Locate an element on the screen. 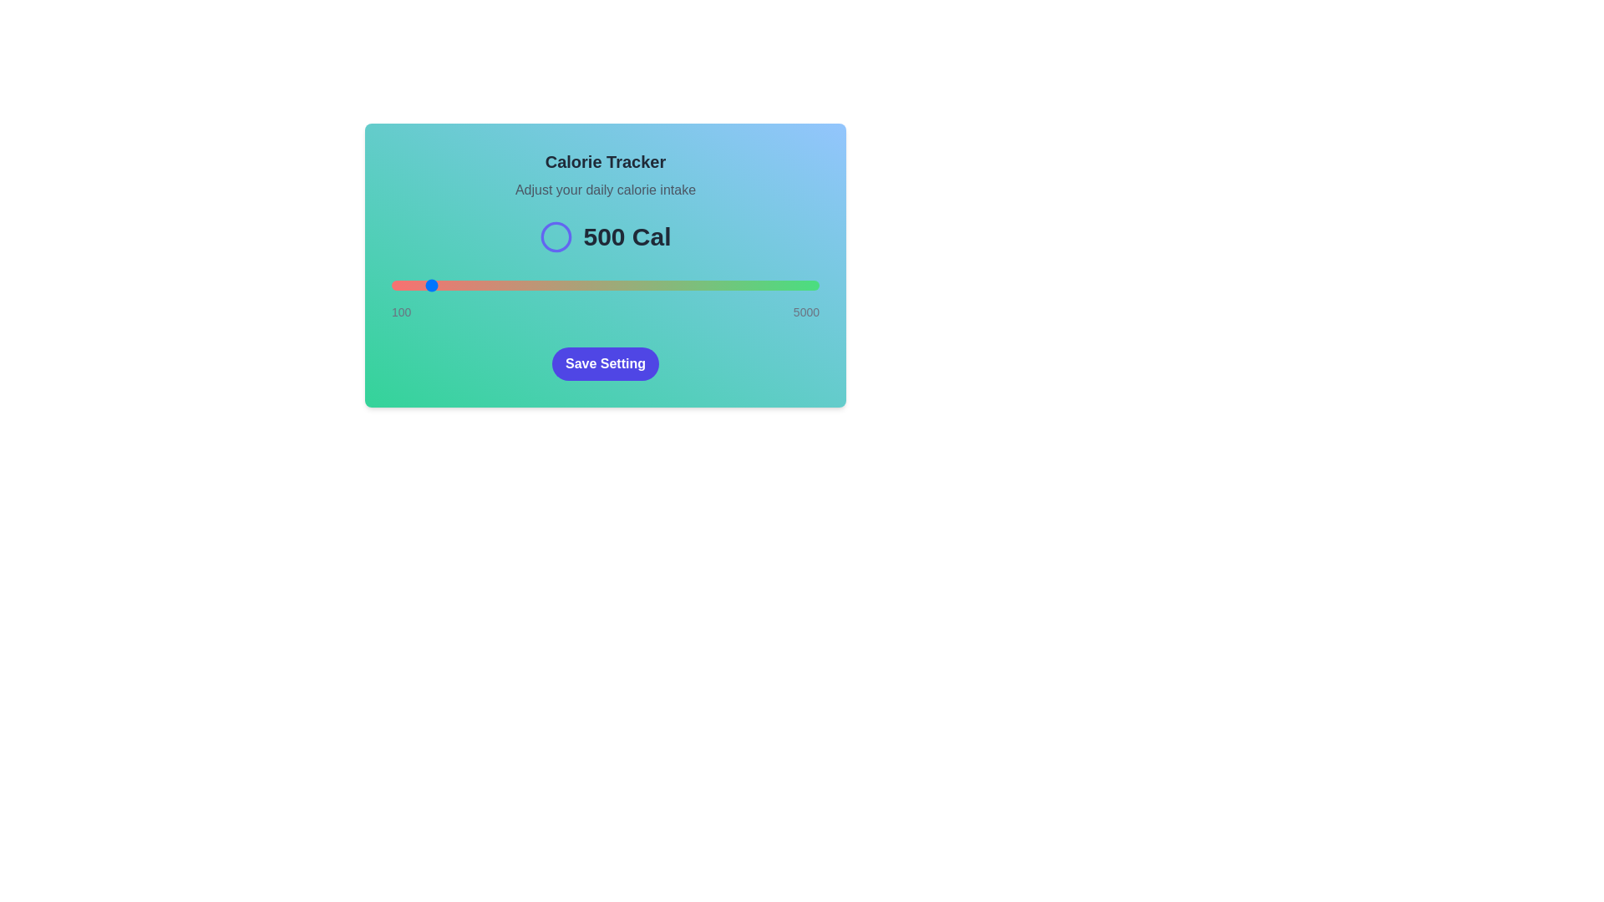 Image resolution: width=1604 pixels, height=902 pixels. the calorie intake slider to 1596 calories is located at coordinates (521, 285).